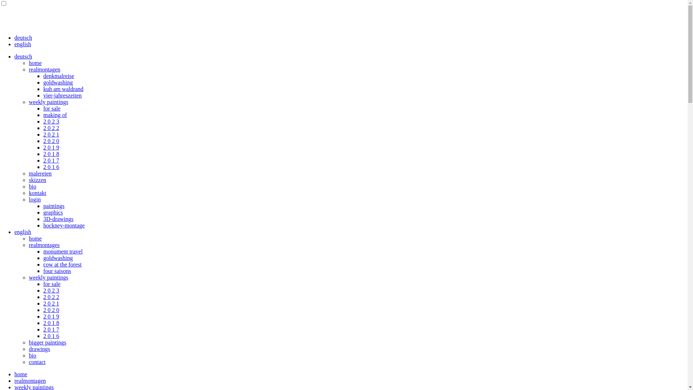 Image resolution: width=693 pixels, height=390 pixels. Describe the element at coordinates (32, 355) in the screenshot. I see `'bio'` at that location.